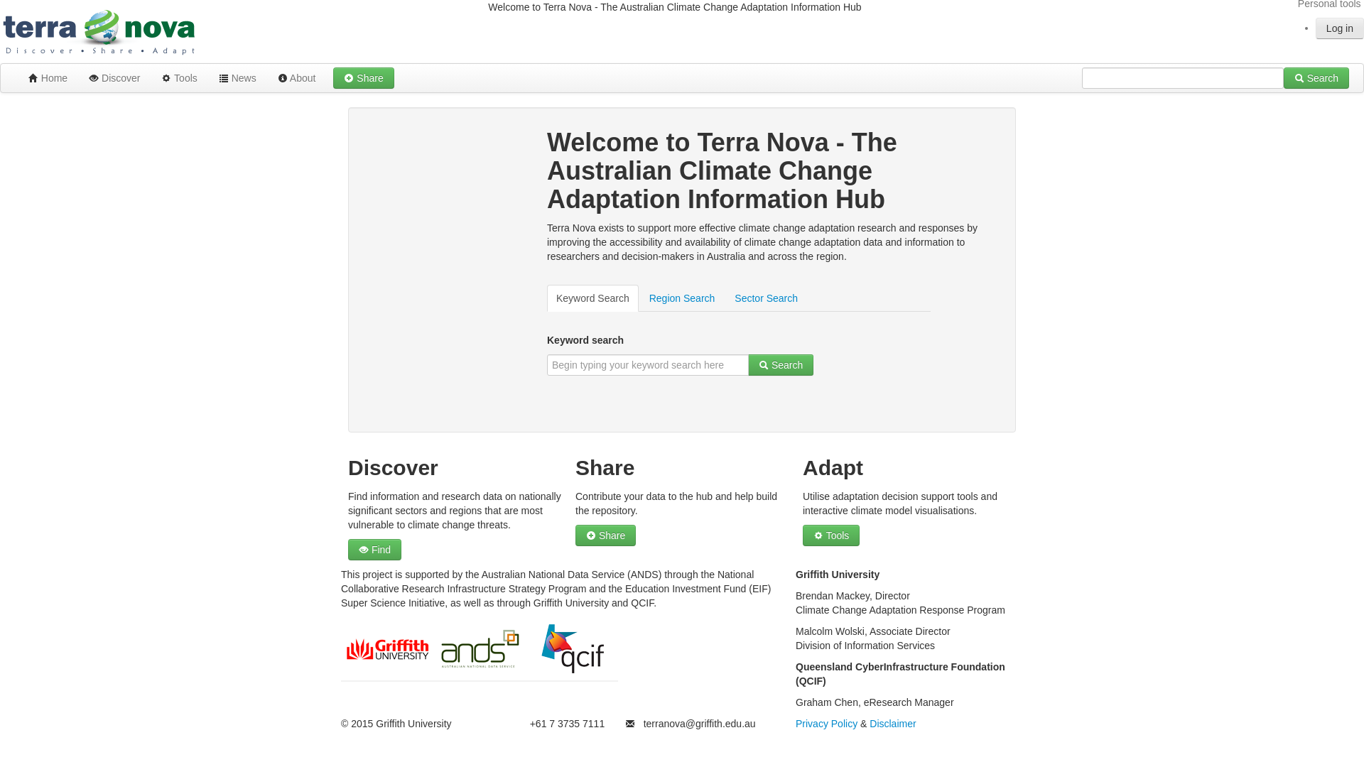 The image size is (1364, 767). What do you see at coordinates (363, 78) in the screenshot?
I see `'Share'` at bounding box center [363, 78].